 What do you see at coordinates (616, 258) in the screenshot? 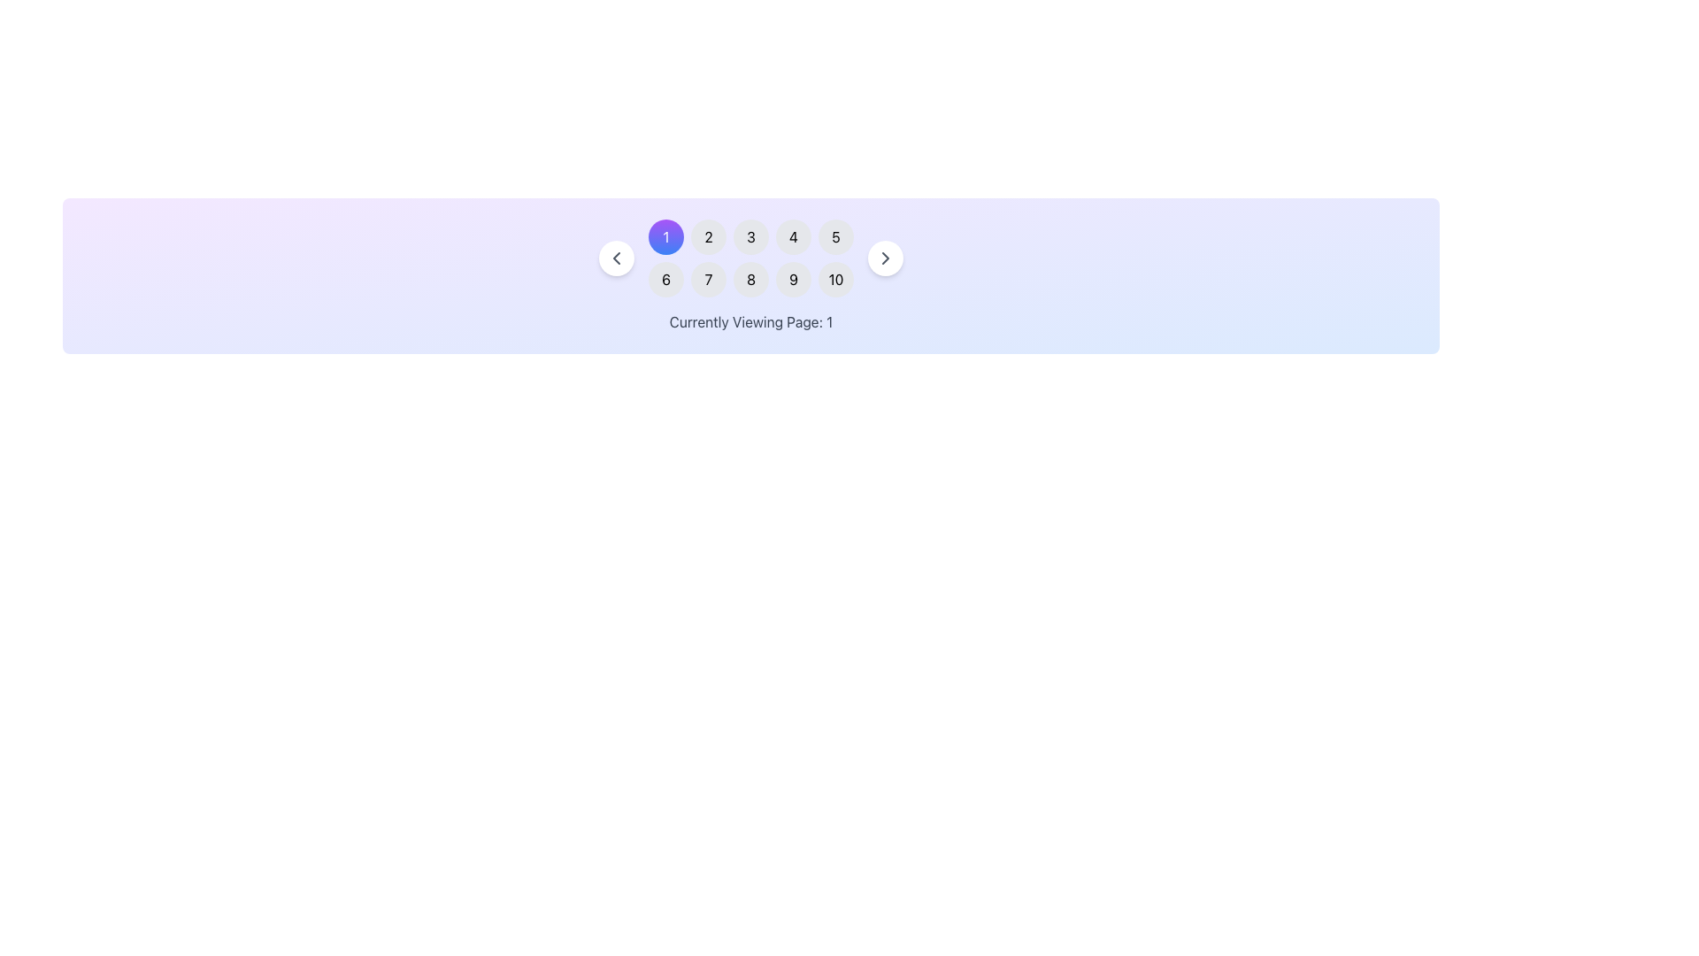
I see `the leftward-pointing chevron icon in the pagination bar` at bounding box center [616, 258].